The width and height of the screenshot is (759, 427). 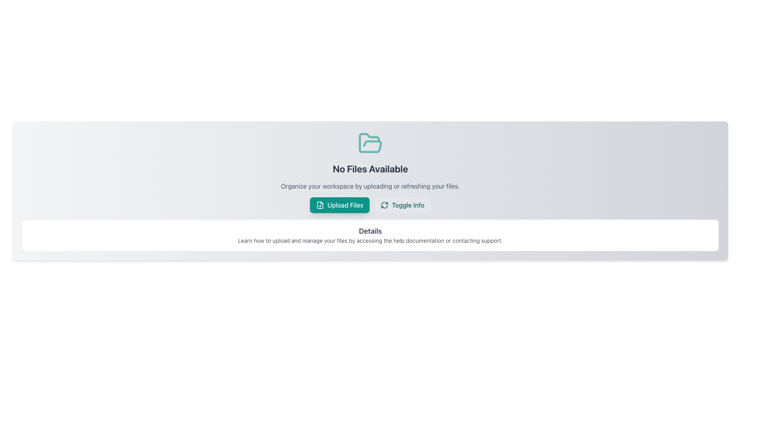 I want to click on the 'Upload Files' button, which is a teal green button in a horizontal row of buttons, to upload files, so click(x=370, y=205).